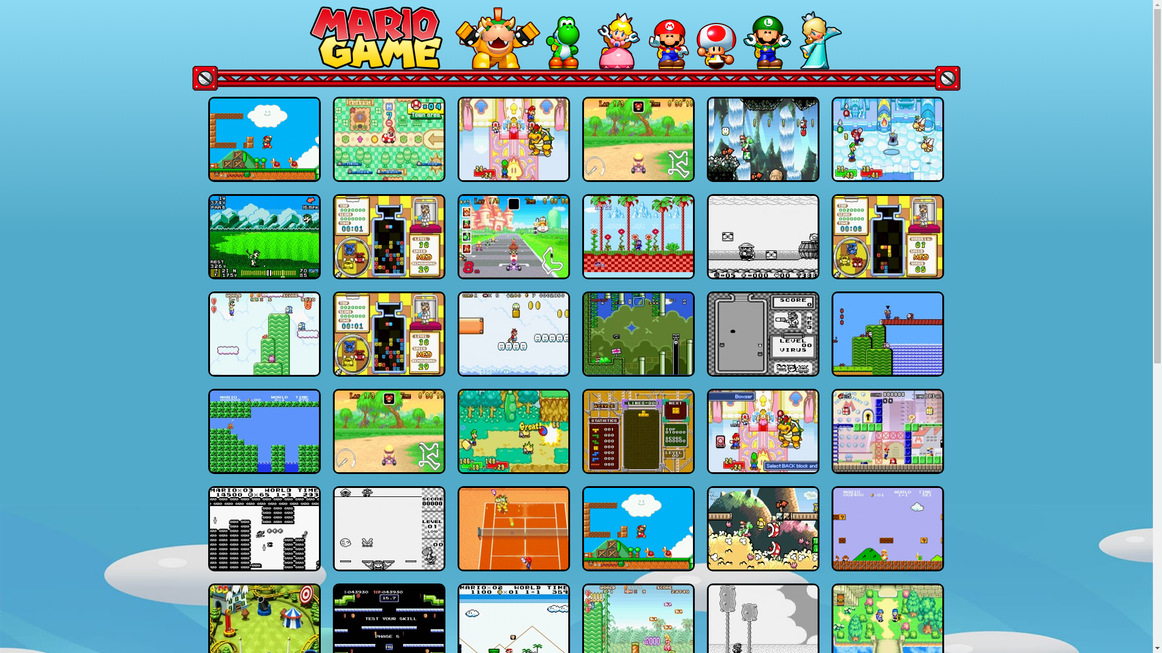  What do you see at coordinates (263, 333) in the screenshot?
I see `'Super Mario Advance'` at bounding box center [263, 333].